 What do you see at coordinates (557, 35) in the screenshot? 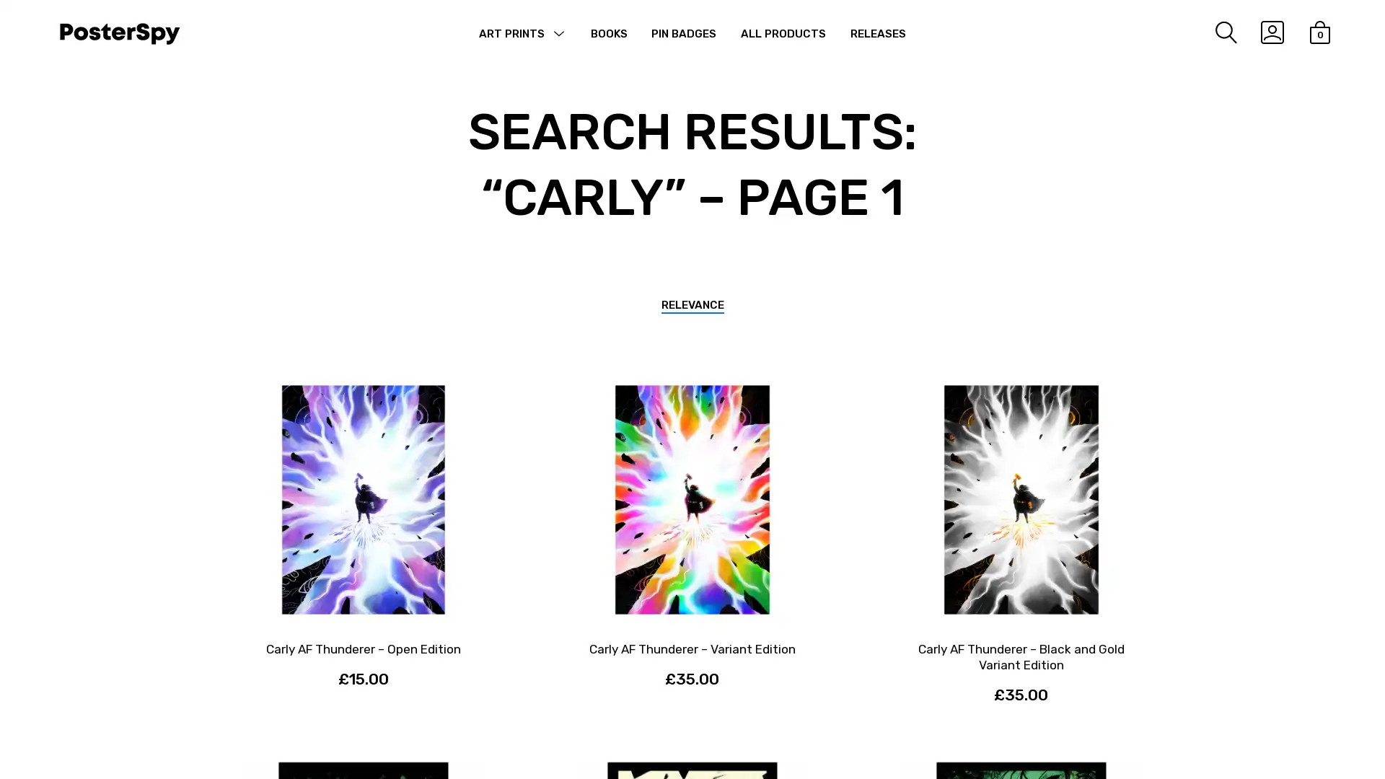
I see `MENU TOGGLE` at bounding box center [557, 35].